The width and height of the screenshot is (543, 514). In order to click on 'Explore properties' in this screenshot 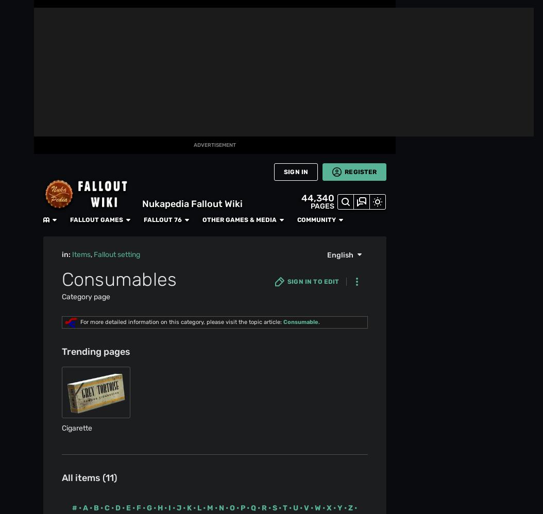, I will do `click(78, 395)`.